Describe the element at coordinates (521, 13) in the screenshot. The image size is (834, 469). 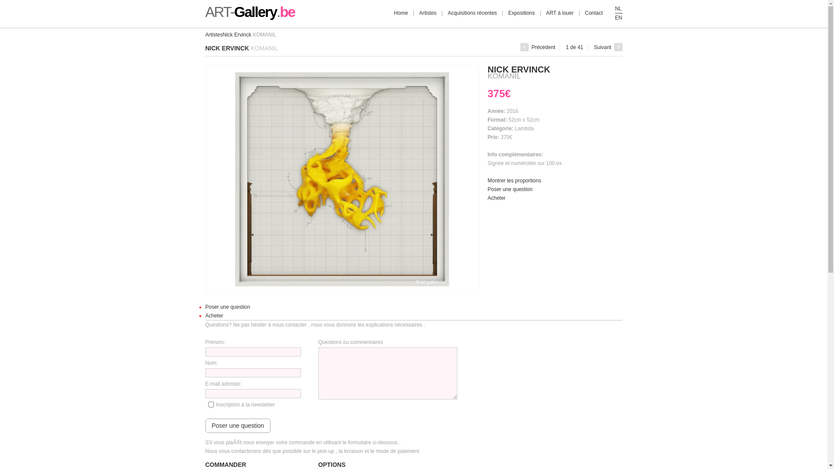
I see `'Expositions'` at that location.